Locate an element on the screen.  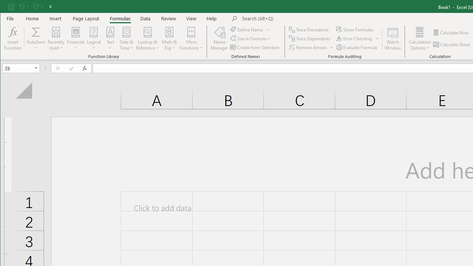
'Trace Dependents' is located at coordinates (310, 38).